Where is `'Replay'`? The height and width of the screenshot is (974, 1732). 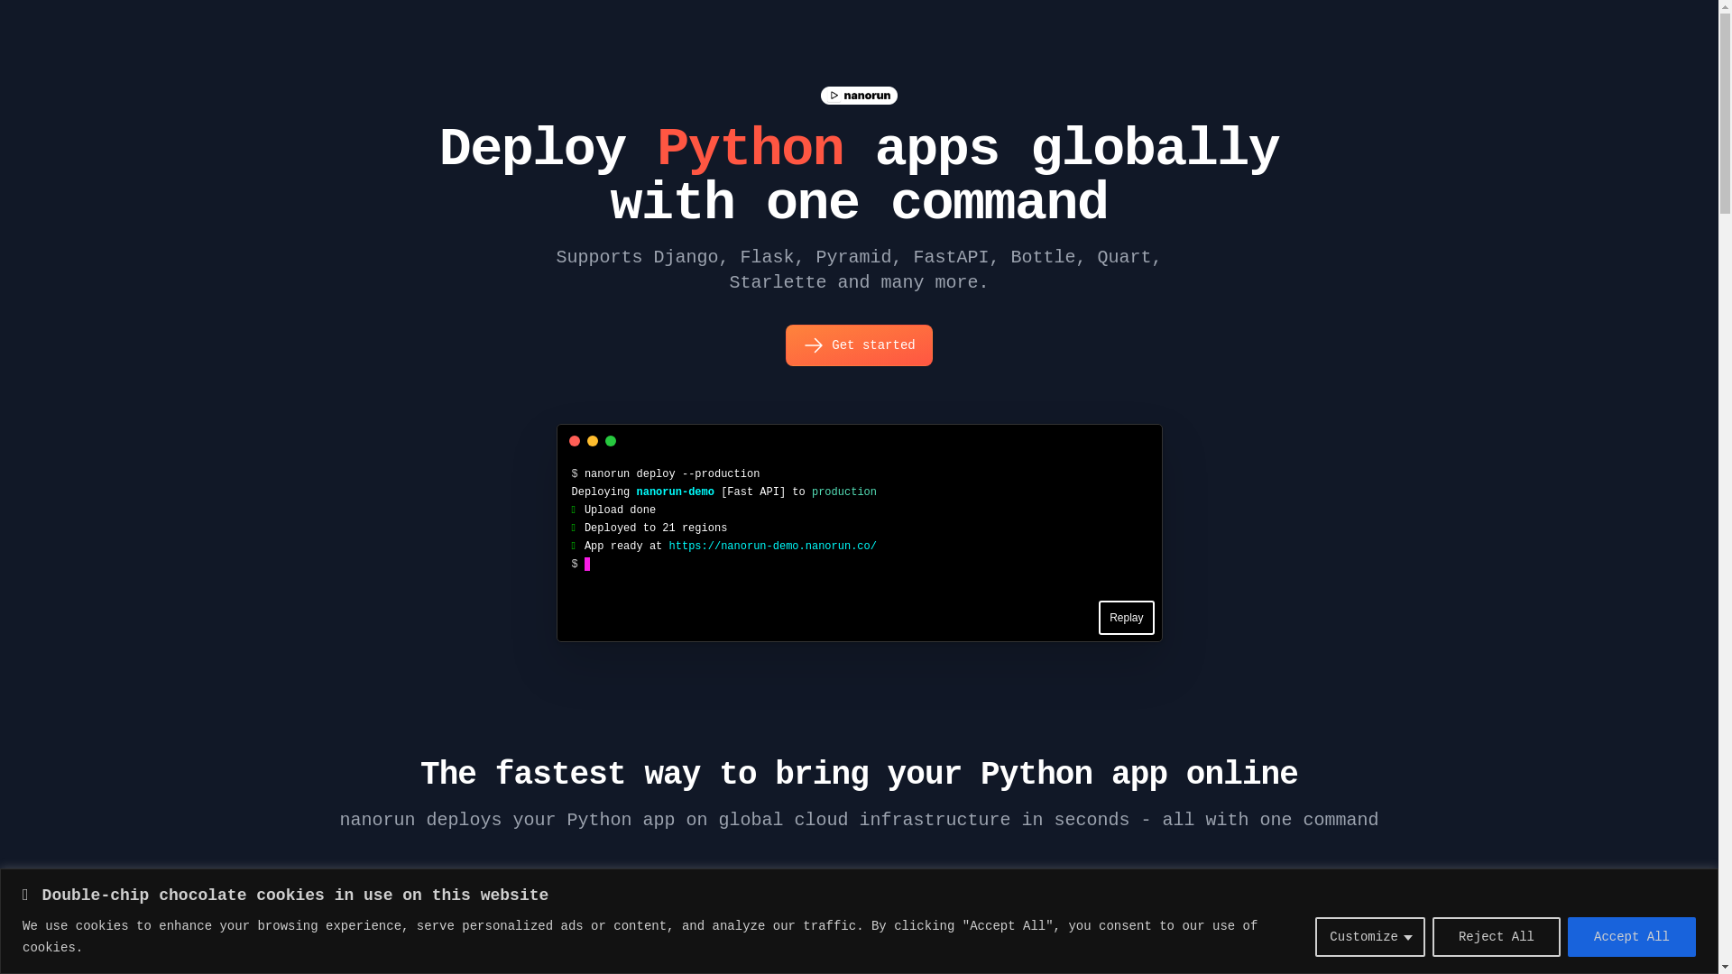
'Replay' is located at coordinates (1125, 617).